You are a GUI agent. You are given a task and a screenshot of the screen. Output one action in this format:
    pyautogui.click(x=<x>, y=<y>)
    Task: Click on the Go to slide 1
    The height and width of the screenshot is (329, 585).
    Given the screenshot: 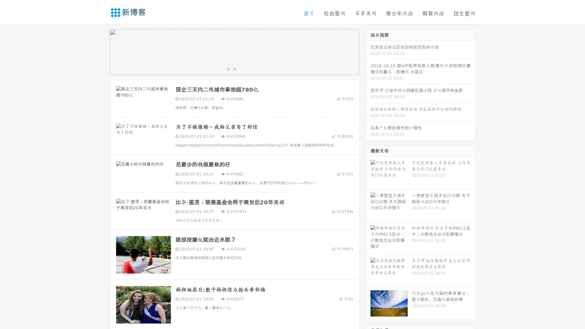 What is the action you would take?
    pyautogui.click(x=228, y=69)
    